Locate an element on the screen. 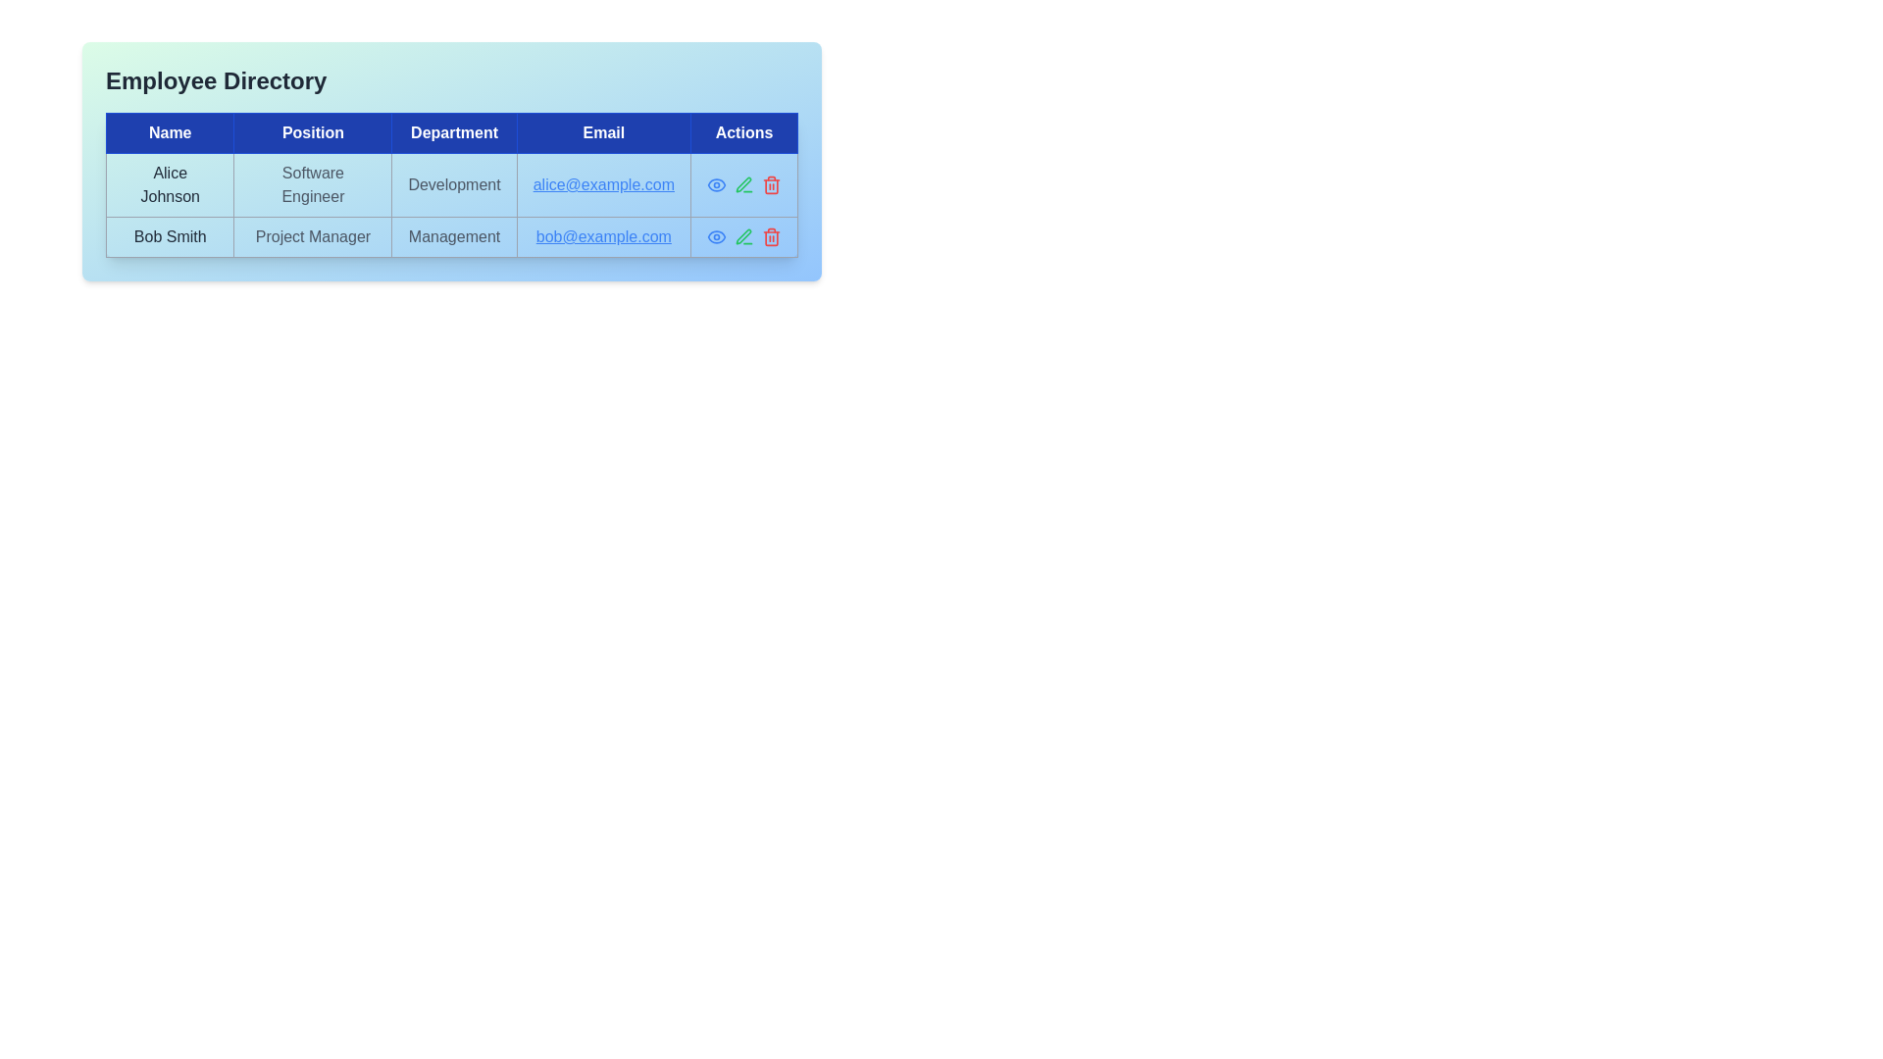 This screenshot has width=1883, height=1059. the static text element displaying 'Development' inside the table cell, which is the third cell in the first row under the 'Department' header is located at coordinates (453, 185).